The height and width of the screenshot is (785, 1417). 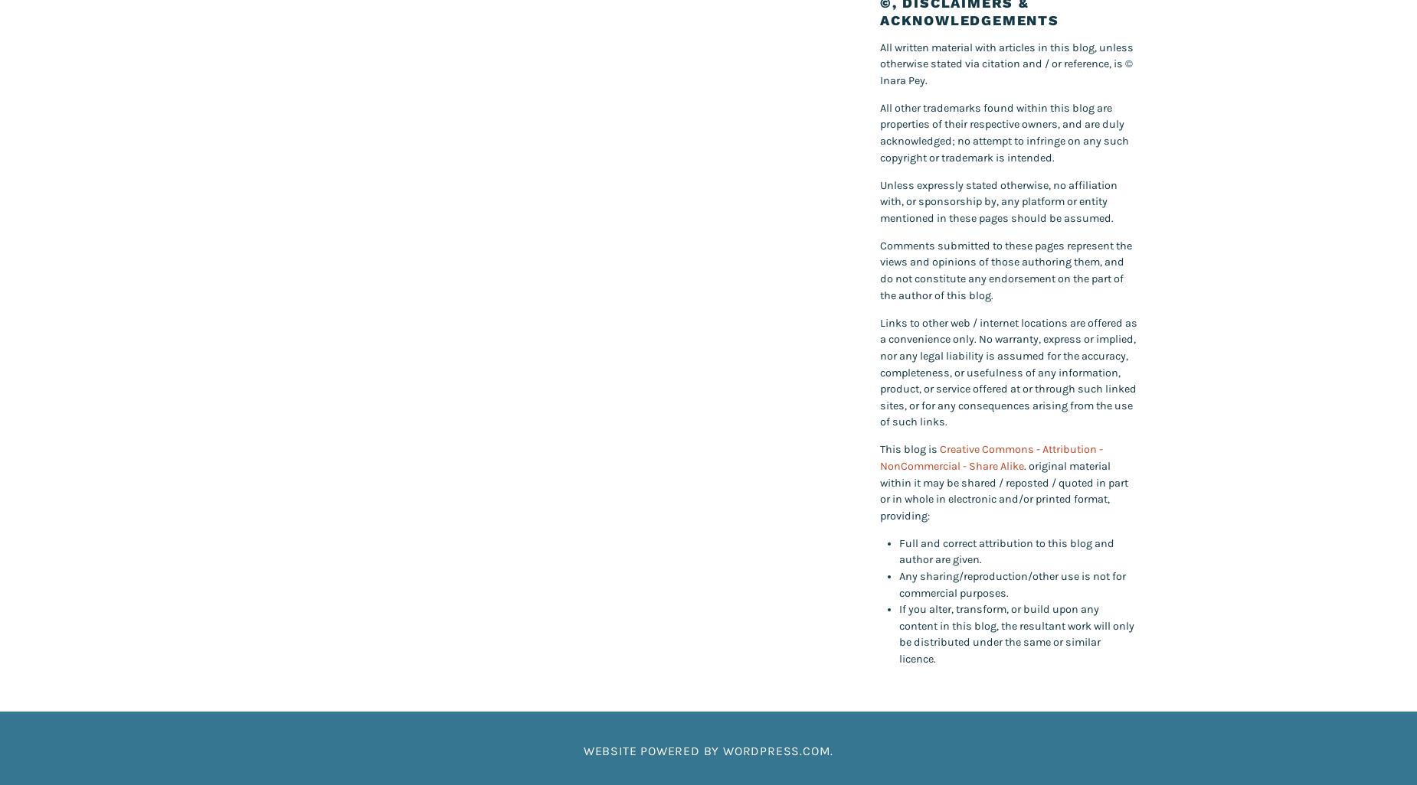 What do you see at coordinates (706, 750) in the screenshot?
I see `'Website Powered by WordPress.com'` at bounding box center [706, 750].